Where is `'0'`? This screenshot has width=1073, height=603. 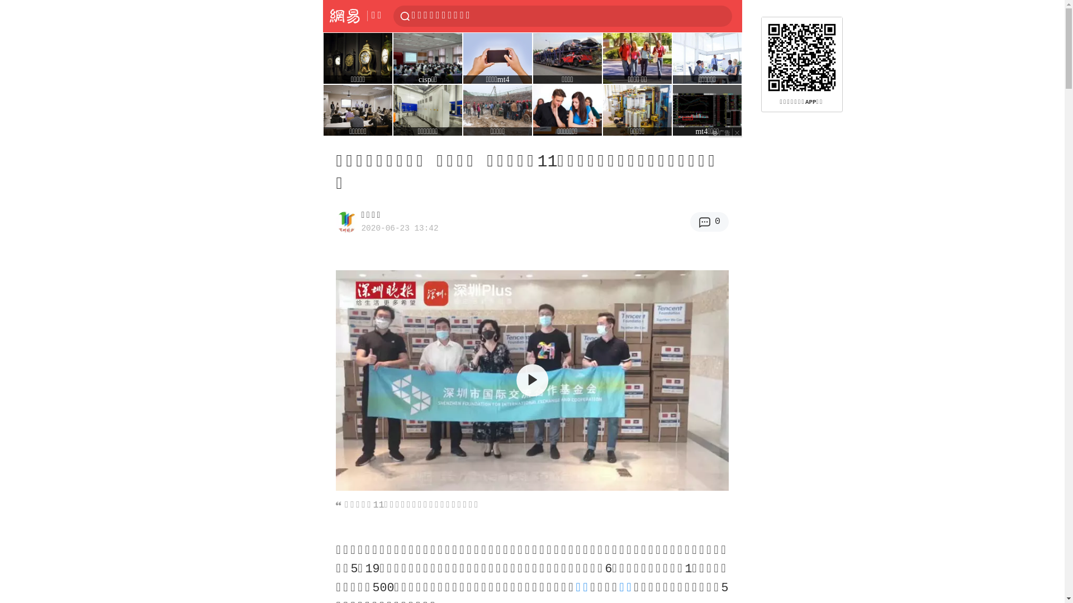 '0' is located at coordinates (709, 222).